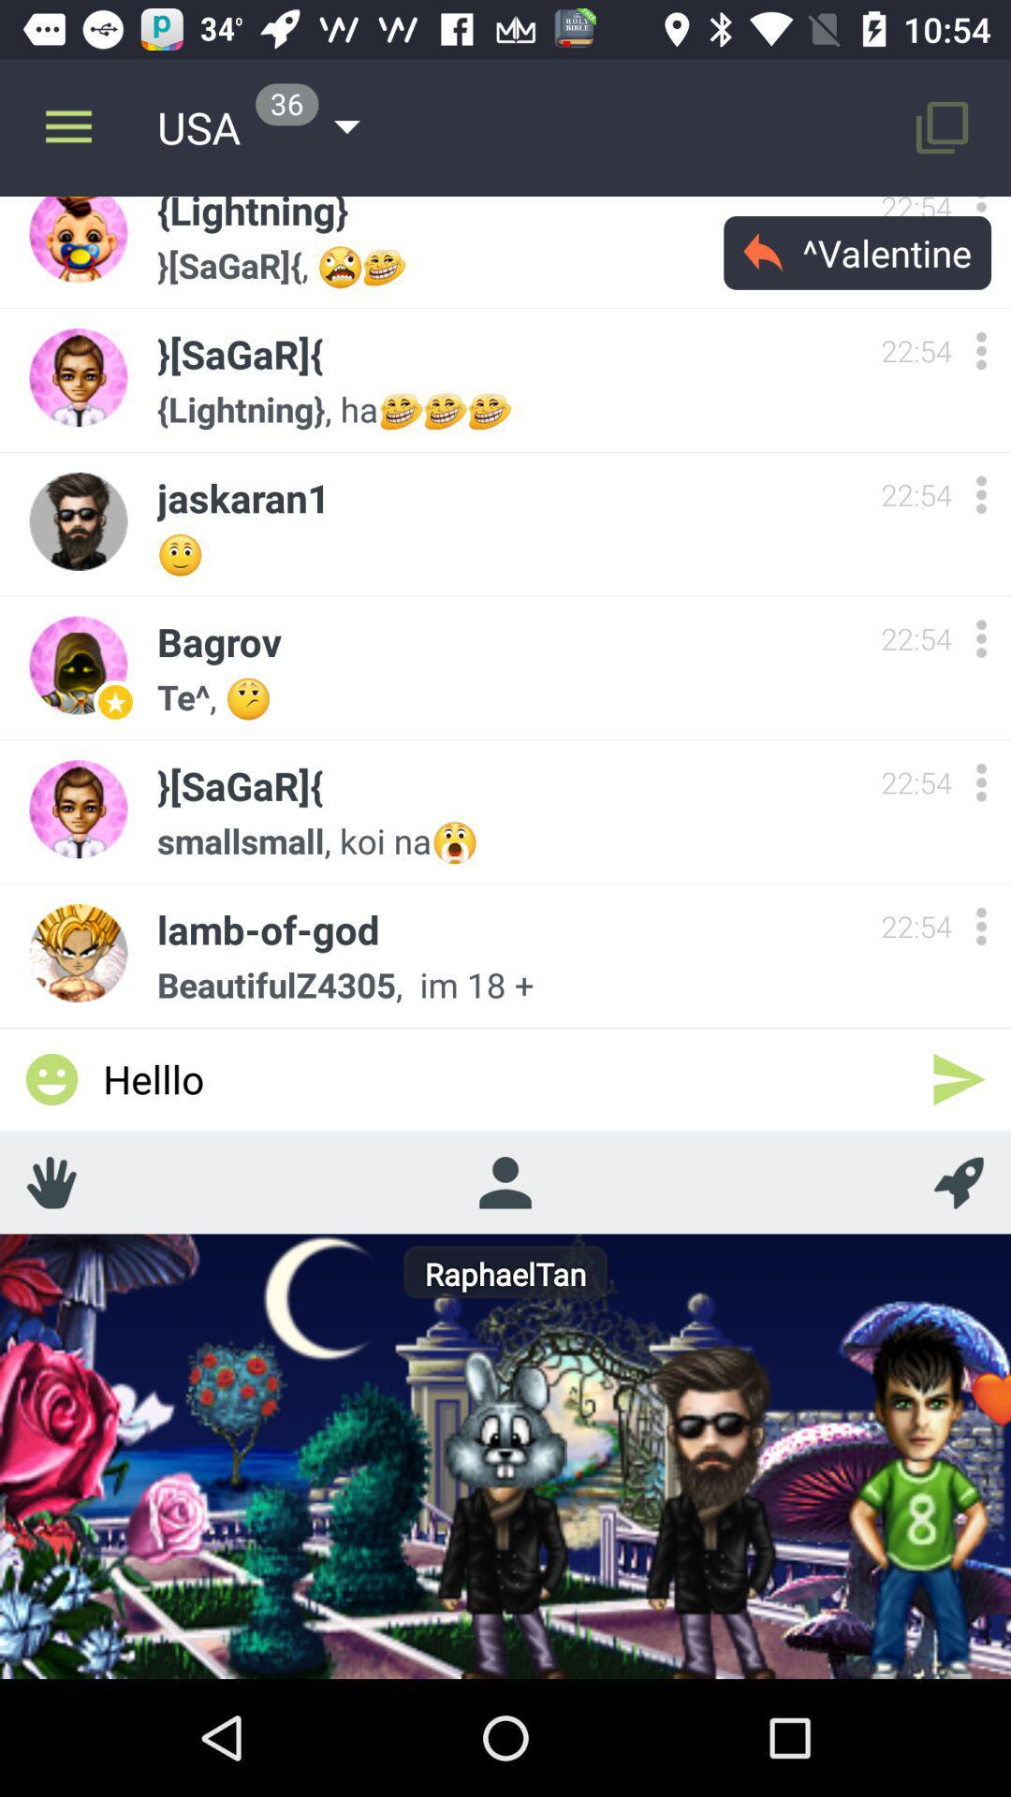 The height and width of the screenshot is (1797, 1011). What do you see at coordinates (980, 350) in the screenshot?
I see `the more icon` at bounding box center [980, 350].